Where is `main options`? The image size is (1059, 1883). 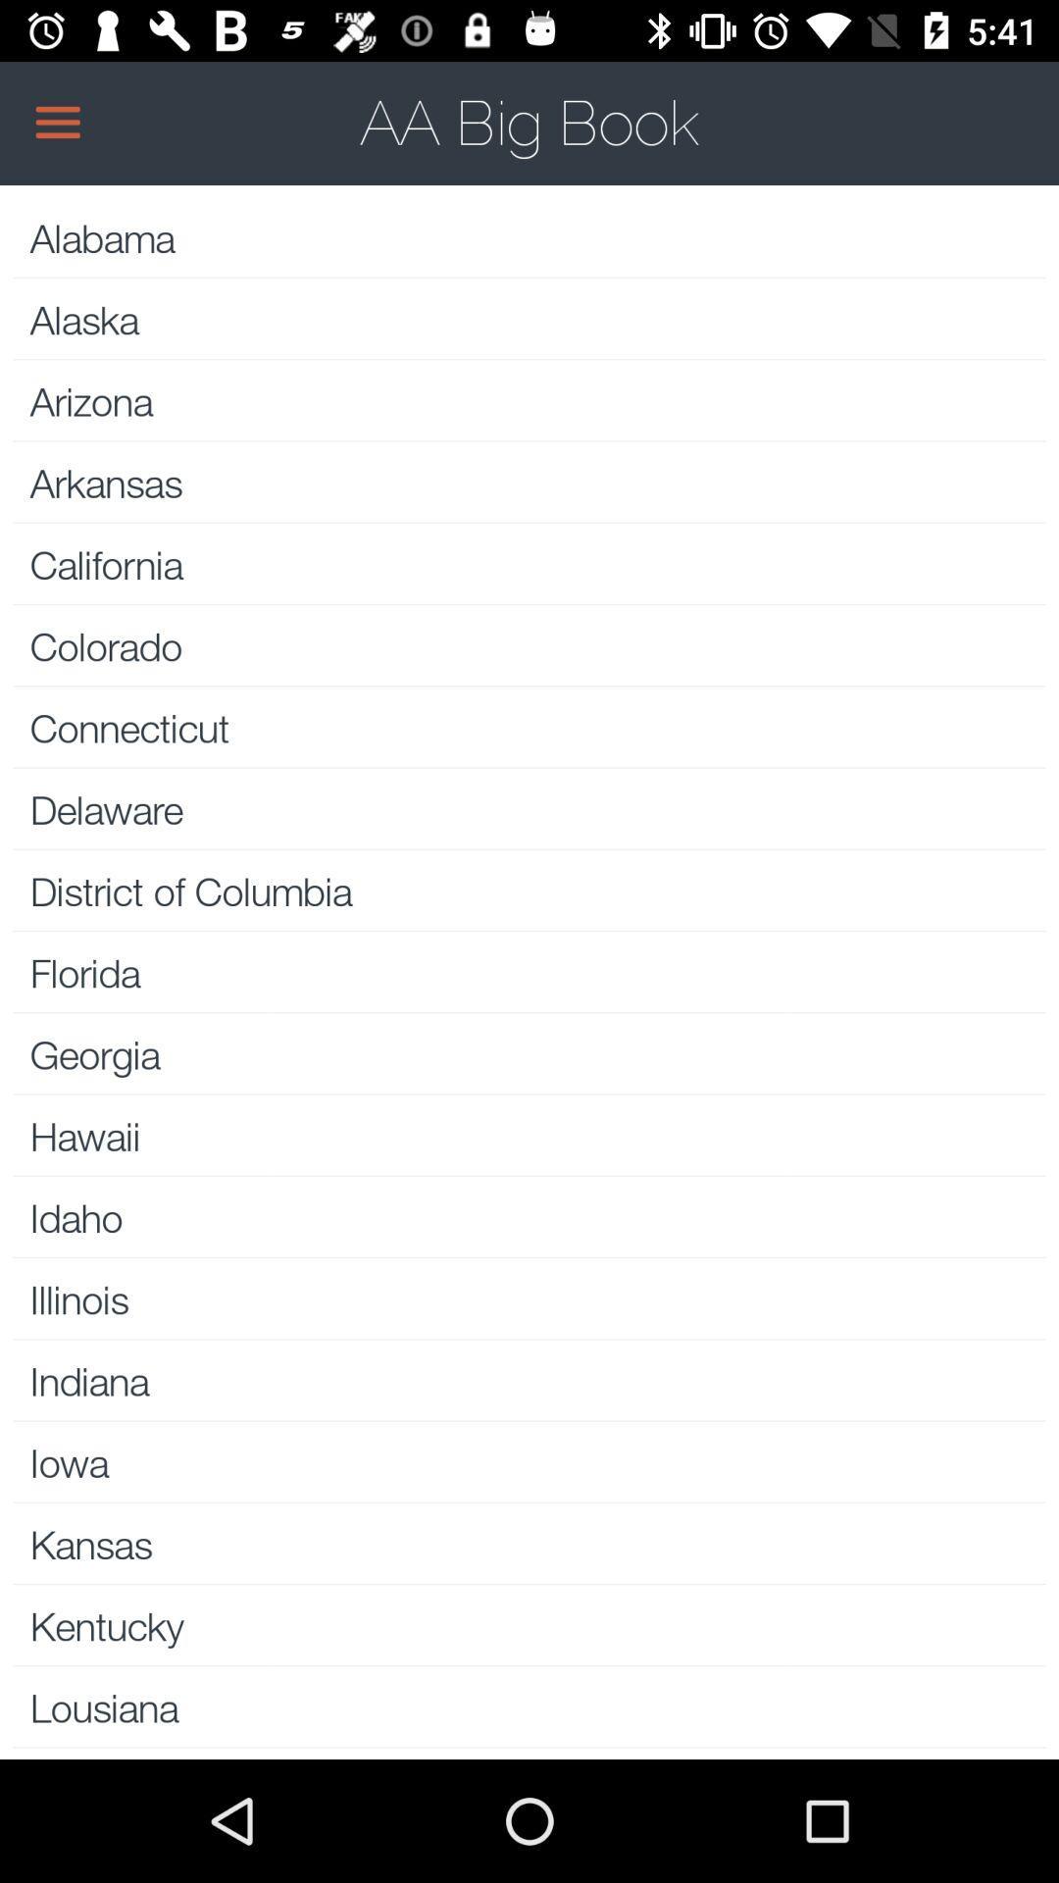 main options is located at coordinates (529, 122).